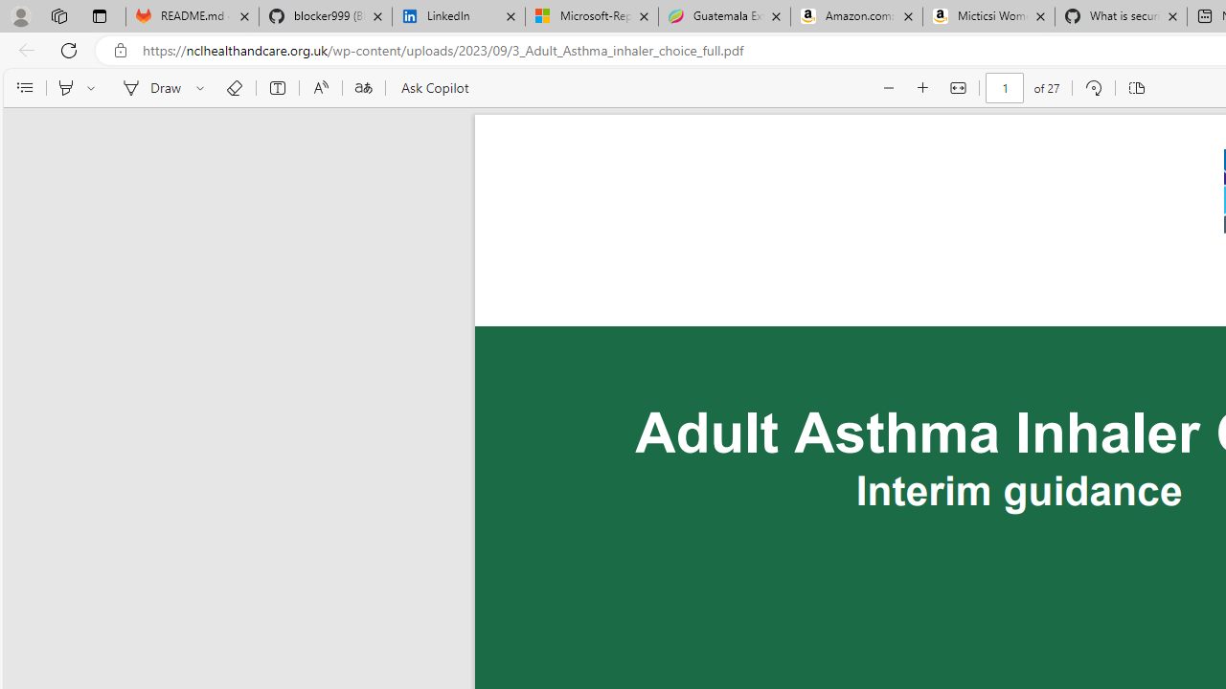  Describe the element at coordinates (233, 88) in the screenshot. I see `'Erase'` at that location.